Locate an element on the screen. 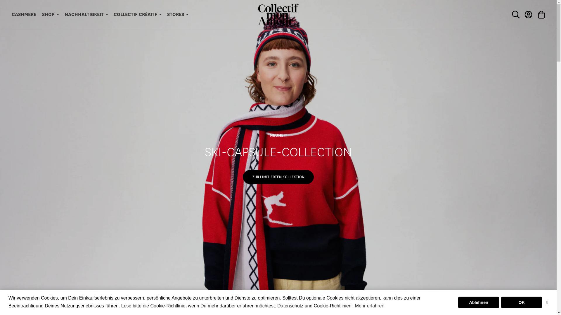 Image resolution: width=561 pixels, height=315 pixels. 'Mehr erfahren' is located at coordinates (369, 306).